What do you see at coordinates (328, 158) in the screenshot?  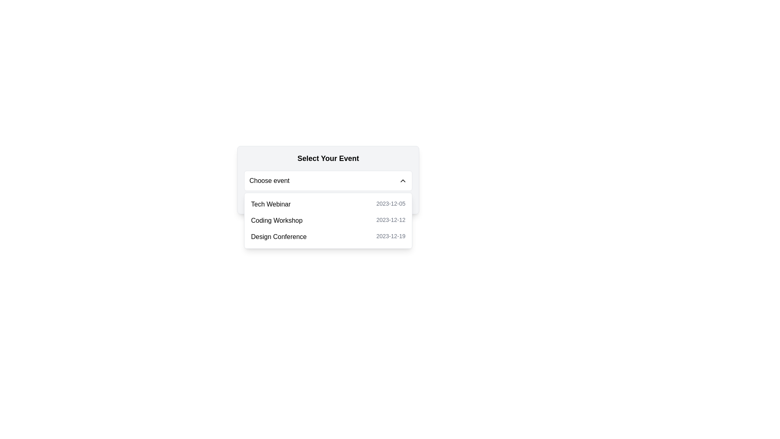 I see `the text label that reads 'Select Your Event', which is prominently styled with a bold and larger font, located at the upper section of the interface` at bounding box center [328, 158].